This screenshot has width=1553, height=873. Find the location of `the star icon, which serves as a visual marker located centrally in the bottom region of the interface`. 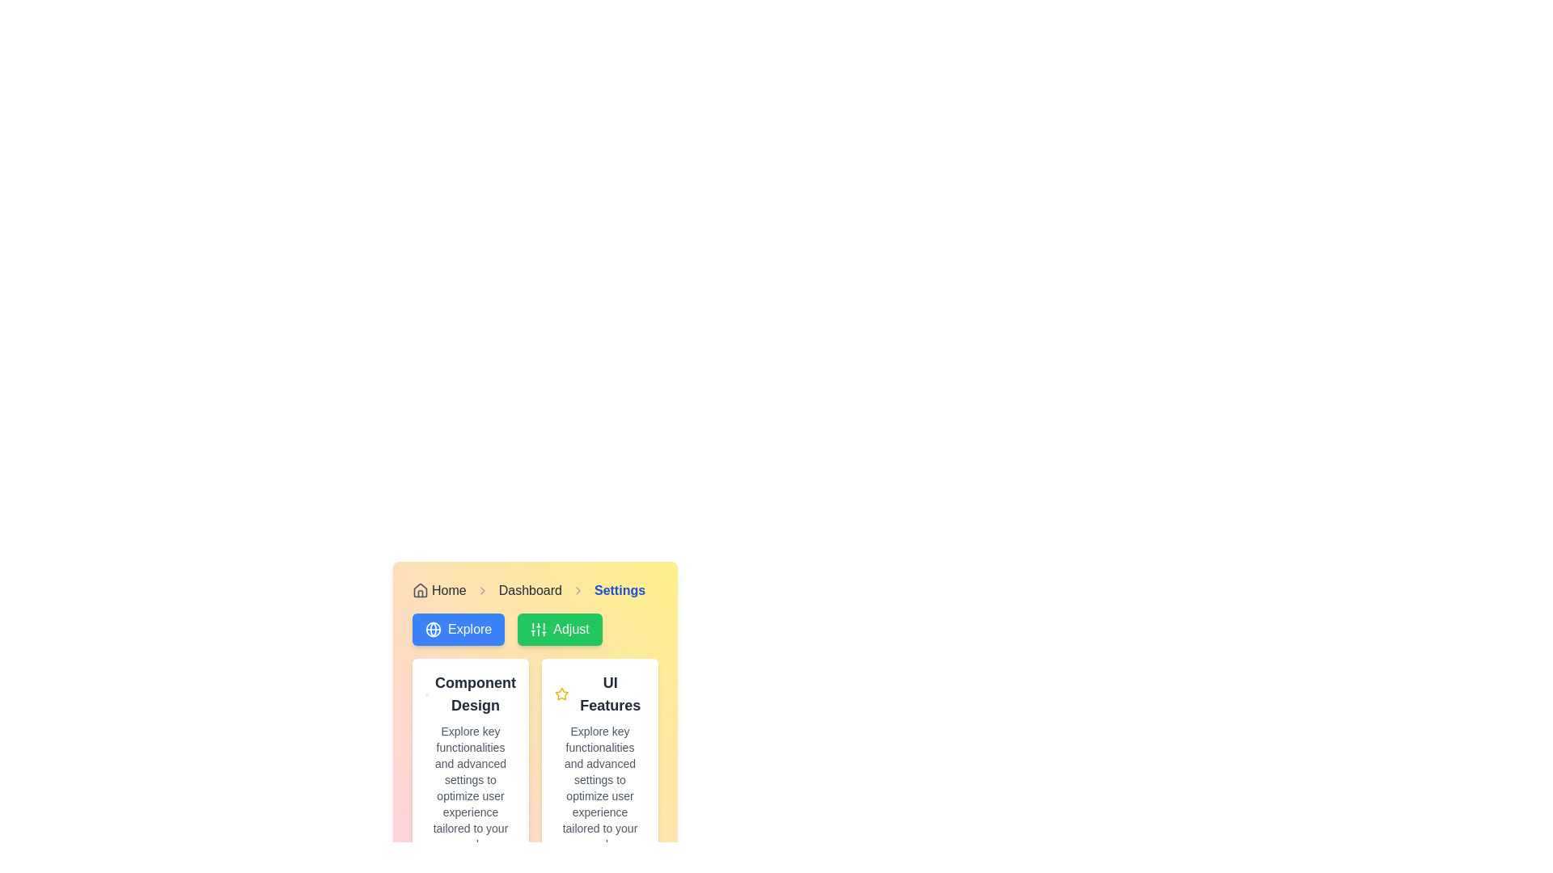

the star icon, which serves as a visual marker located centrally in the bottom region of the interface is located at coordinates (561, 693).